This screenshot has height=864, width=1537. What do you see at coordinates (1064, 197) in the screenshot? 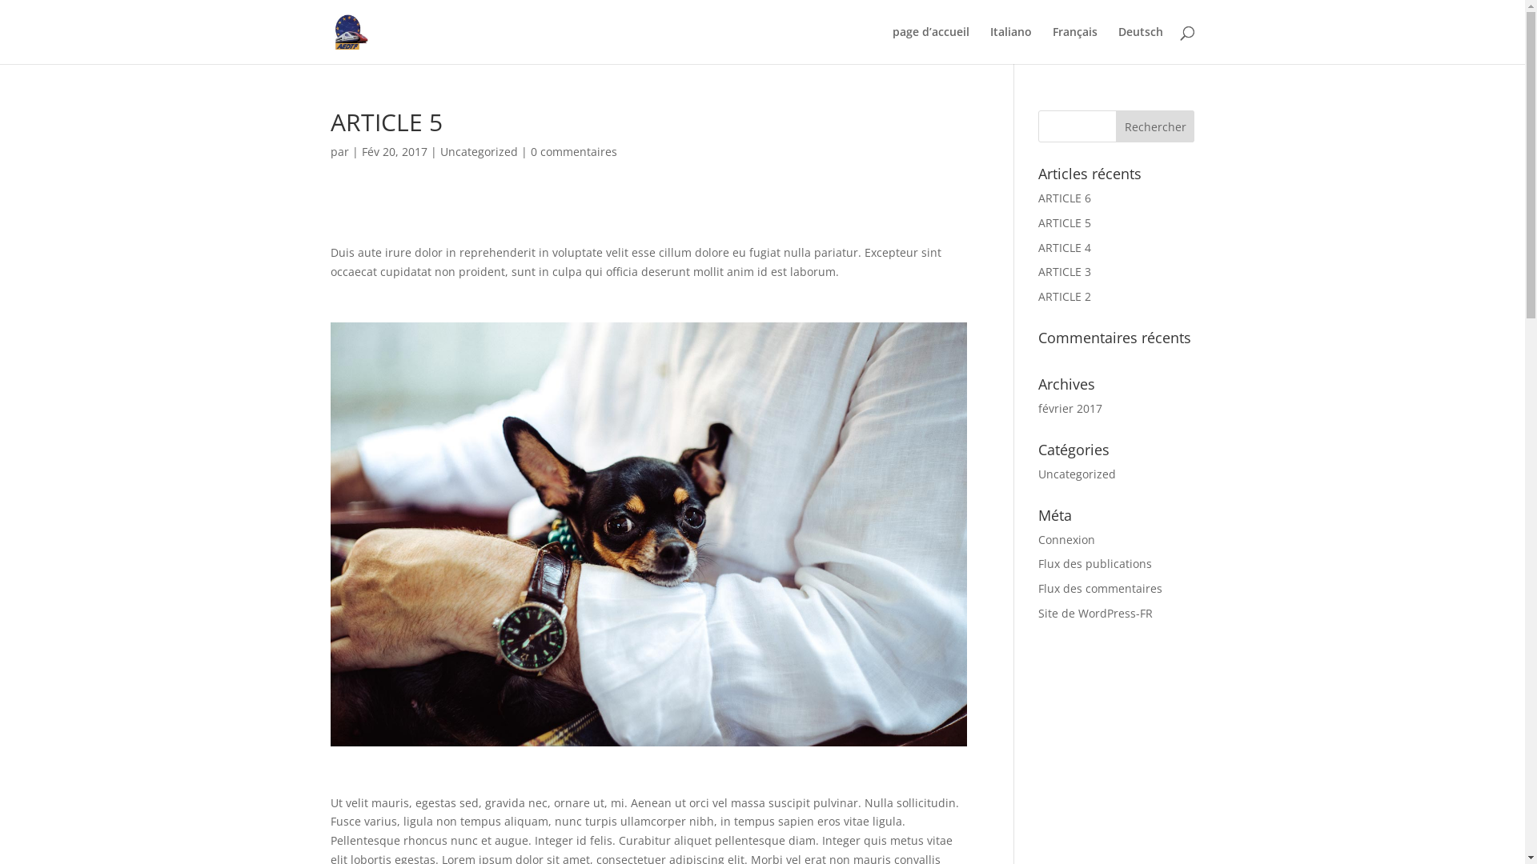
I see `'ARTICLE 6'` at bounding box center [1064, 197].